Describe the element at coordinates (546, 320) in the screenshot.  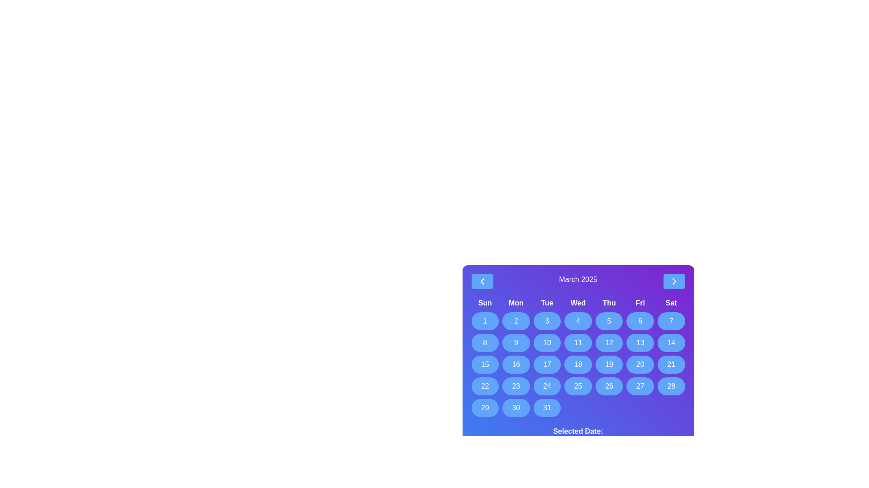
I see `the calendar button for date '3' located in the first row and third column under the 'Tue' header` at that location.